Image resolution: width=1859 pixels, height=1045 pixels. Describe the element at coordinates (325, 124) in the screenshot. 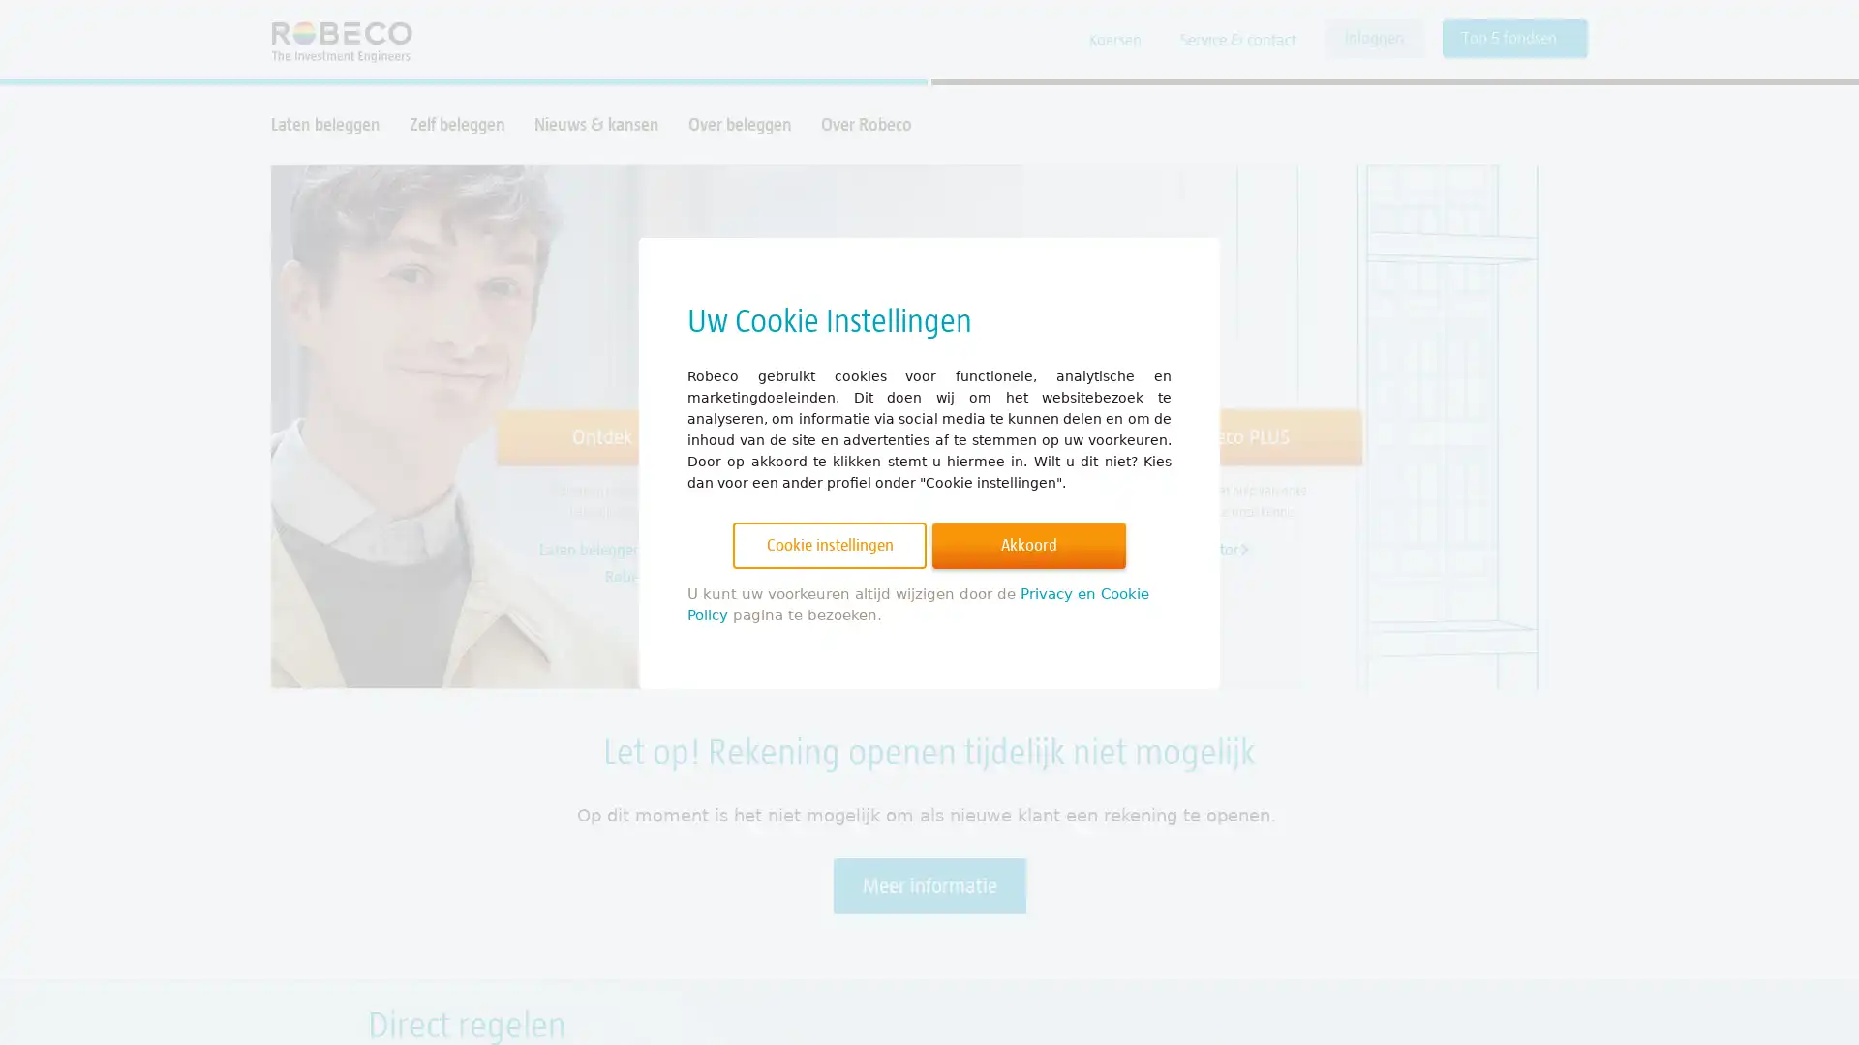

I see `Laten beleggen` at that location.